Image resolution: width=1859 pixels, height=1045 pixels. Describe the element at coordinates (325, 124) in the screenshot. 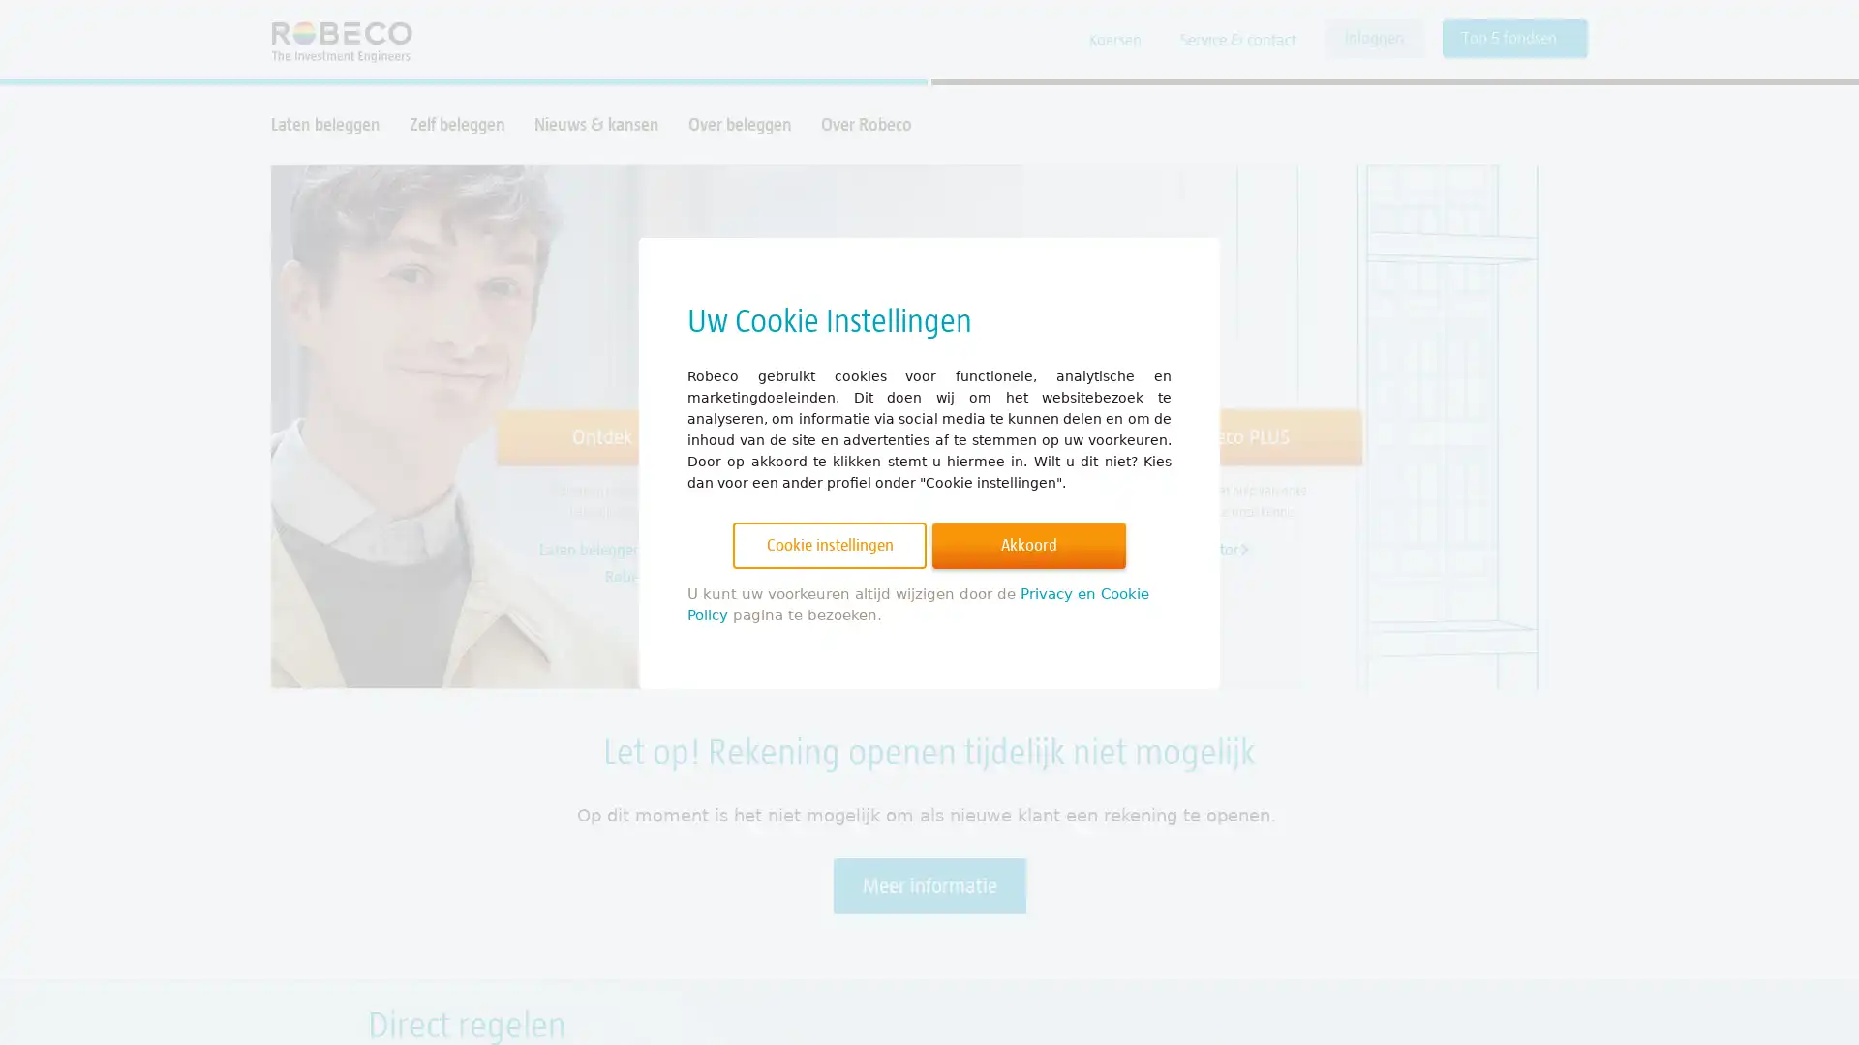

I see `Laten beleggen` at that location.